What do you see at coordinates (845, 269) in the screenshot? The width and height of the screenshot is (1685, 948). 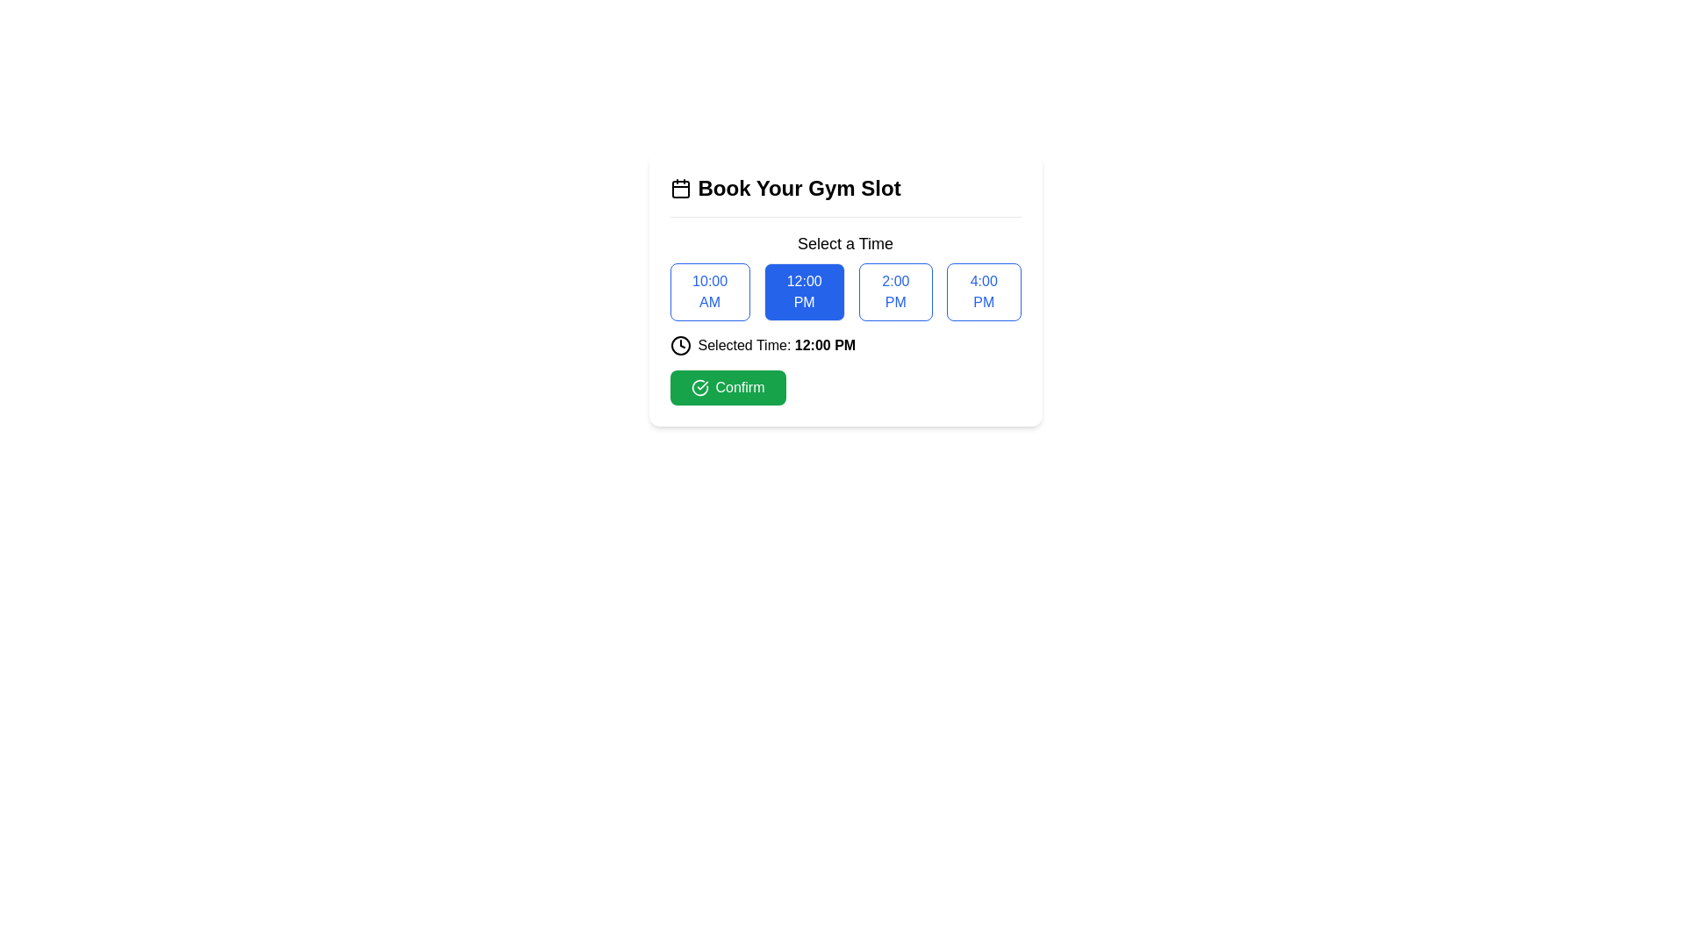 I see `the blue button displaying '12:00 PM'` at bounding box center [845, 269].